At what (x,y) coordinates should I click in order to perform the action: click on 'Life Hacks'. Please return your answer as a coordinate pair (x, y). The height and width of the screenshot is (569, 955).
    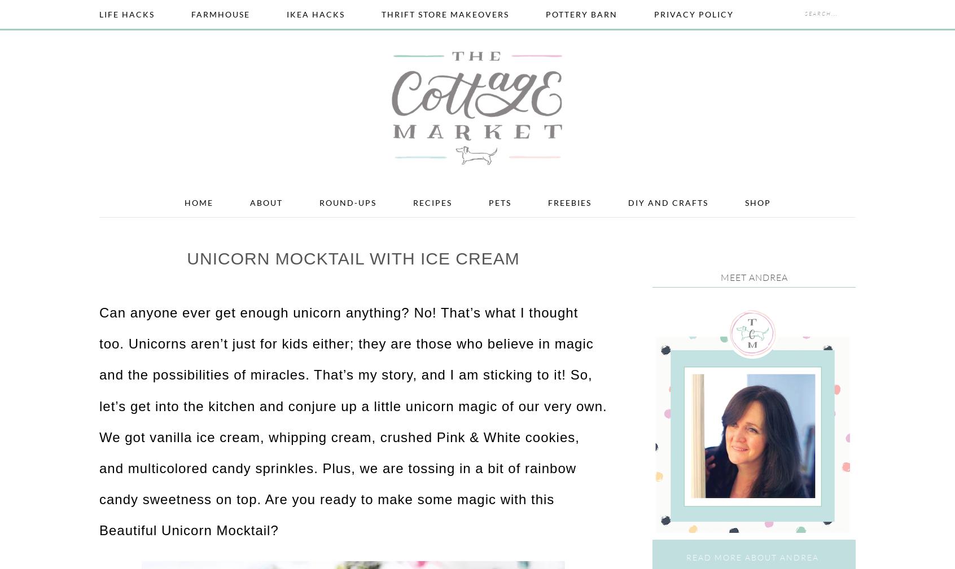
    Looking at the image, I should click on (127, 14).